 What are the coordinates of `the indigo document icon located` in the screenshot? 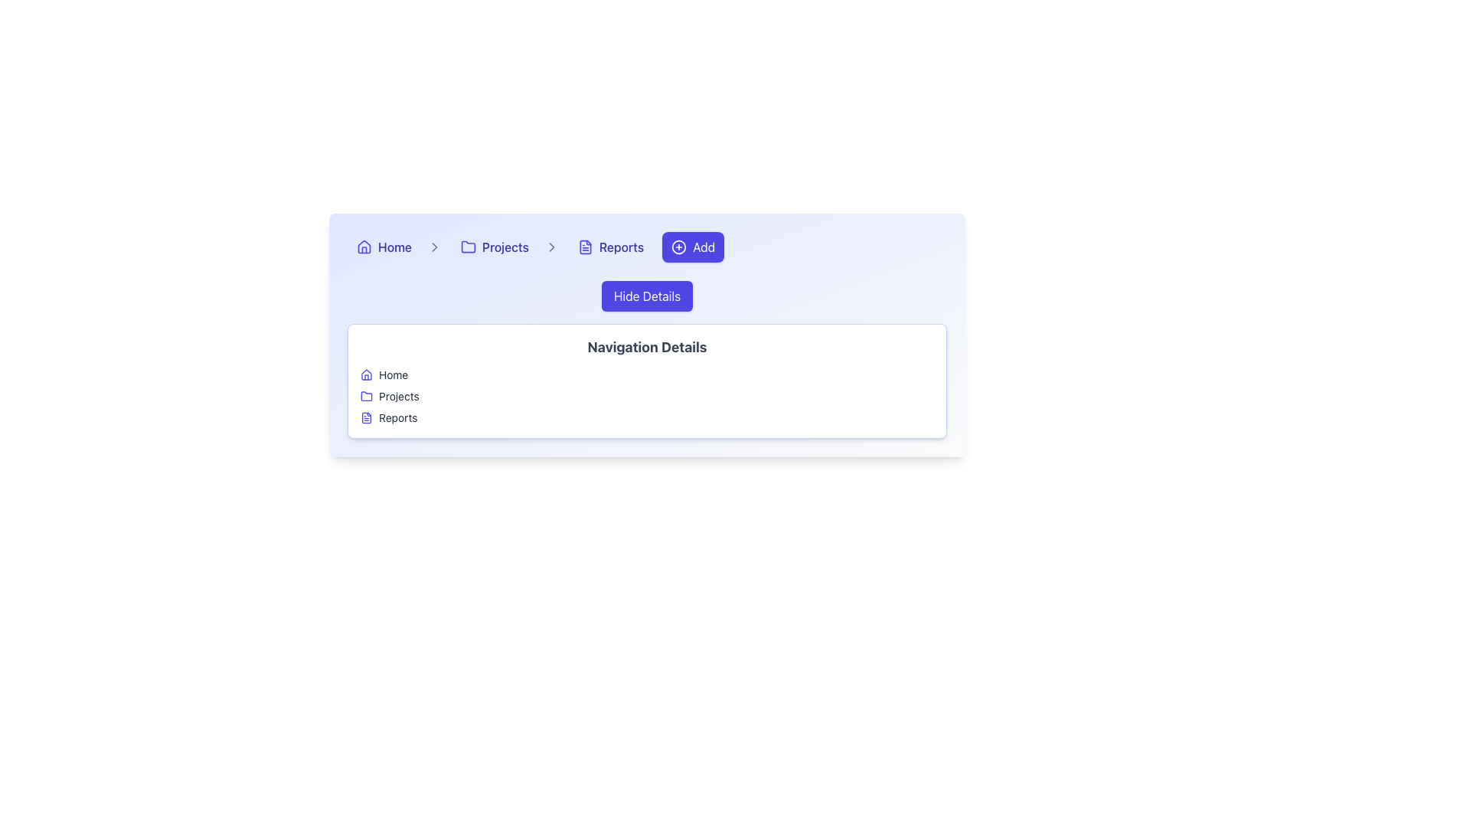 It's located at (366, 418).